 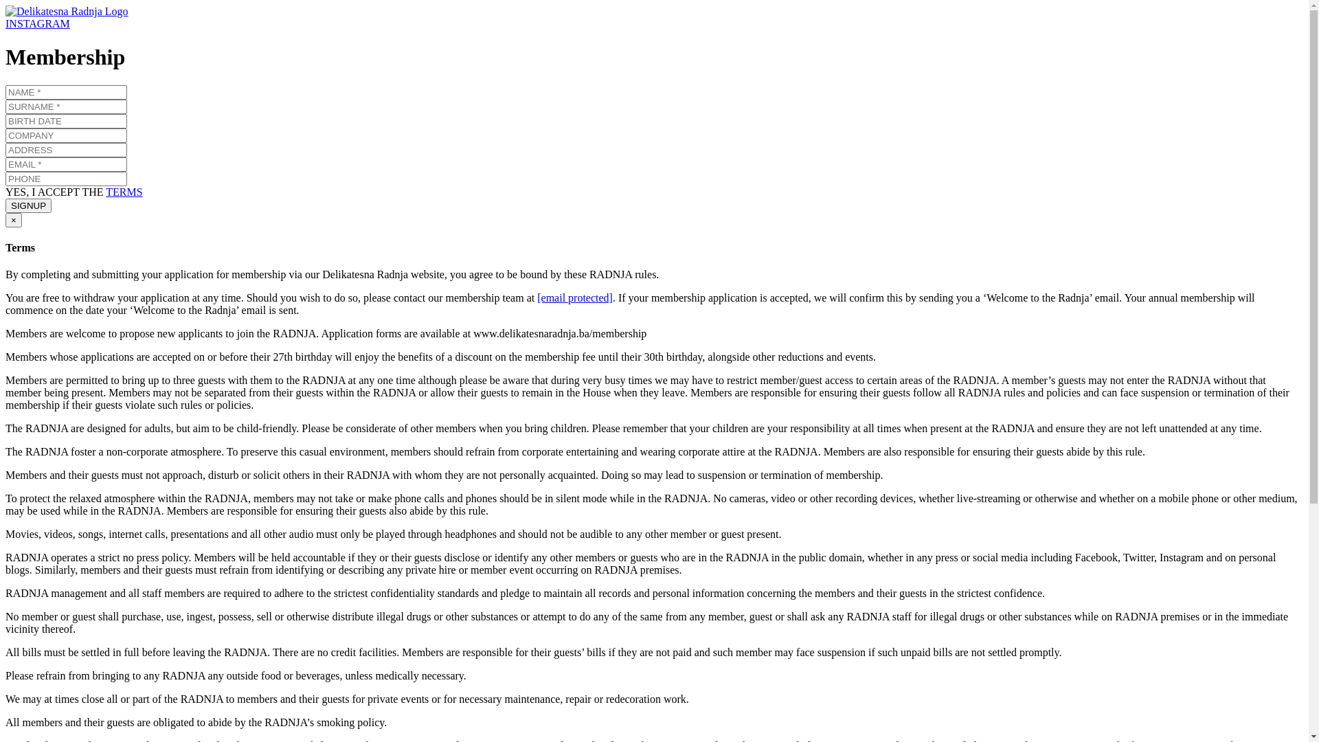 I want to click on '[email protected]', so click(x=574, y=297).